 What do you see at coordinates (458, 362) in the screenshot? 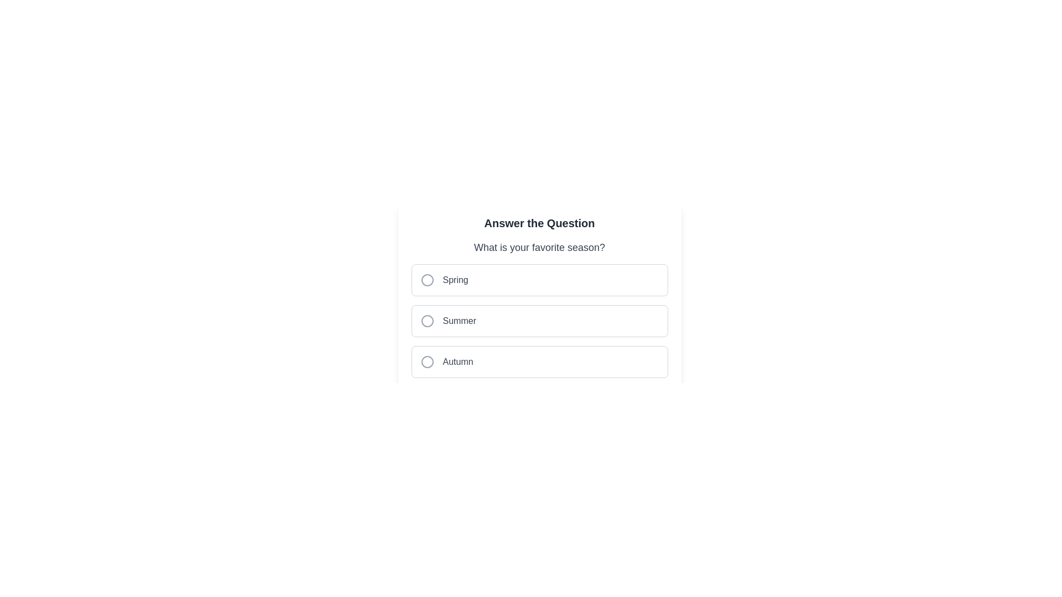
I see `label for the selectable option 'Autumn', which is the third item in a list of choice options in a form-like interaction` at bounding box center [458, 362].